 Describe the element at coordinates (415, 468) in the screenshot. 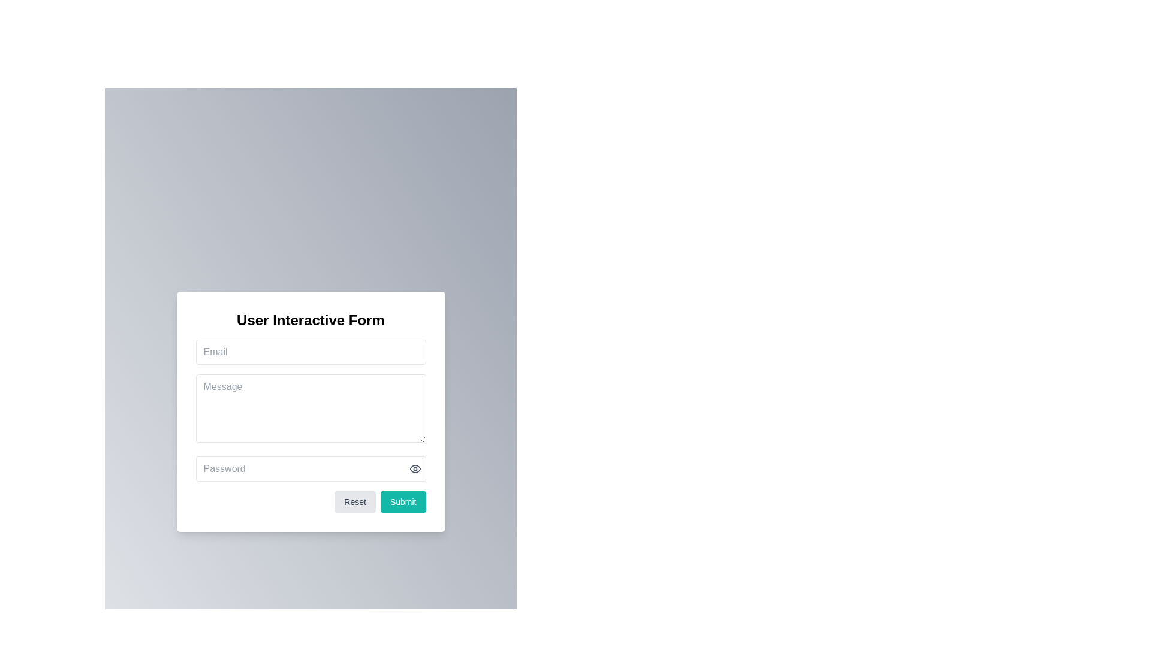

I see `the Toggle button located to the far right of the password input field` at that location.